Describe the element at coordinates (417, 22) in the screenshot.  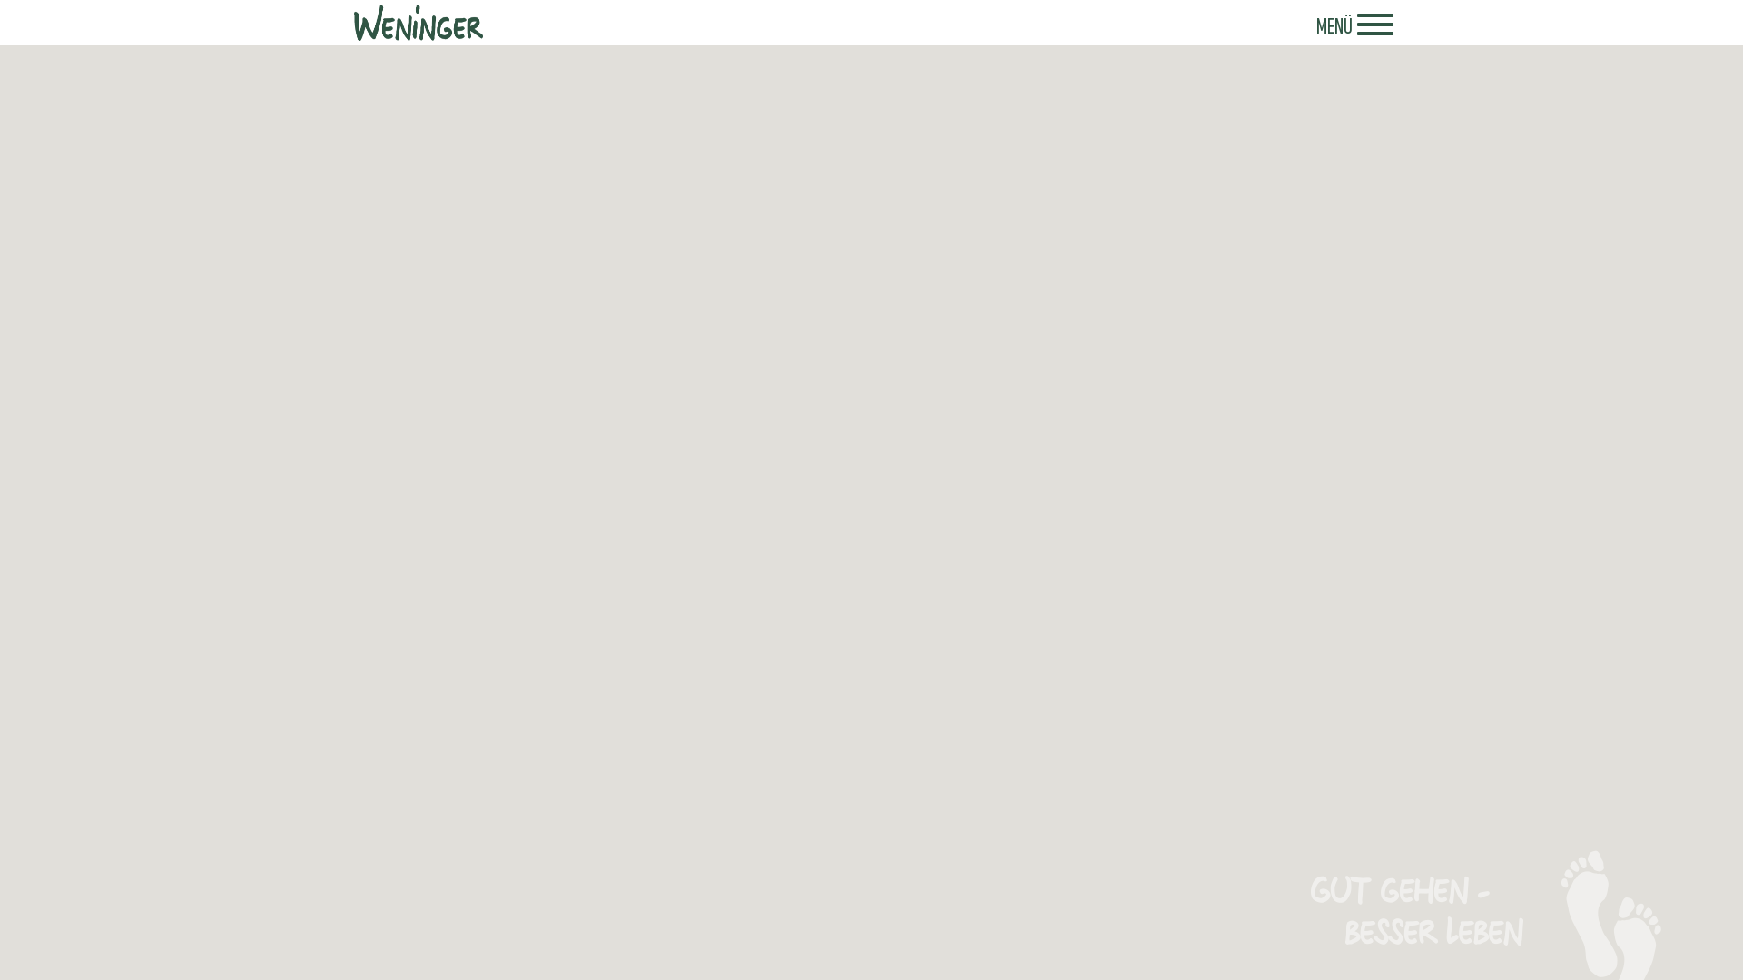
I see `'Weninger - Logo'` at that location.